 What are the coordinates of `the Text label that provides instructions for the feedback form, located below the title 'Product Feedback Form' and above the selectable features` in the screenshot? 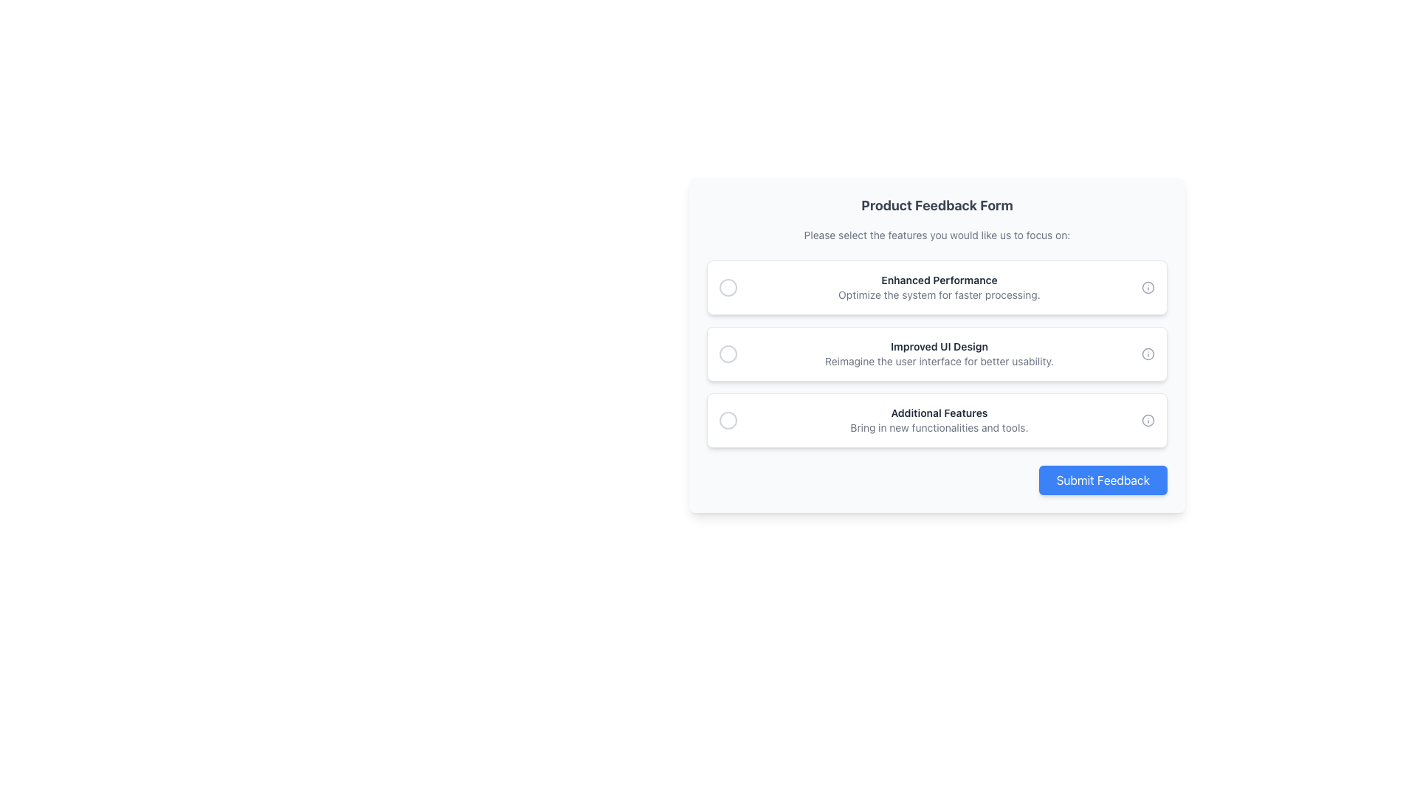 It's located at (937, 235).